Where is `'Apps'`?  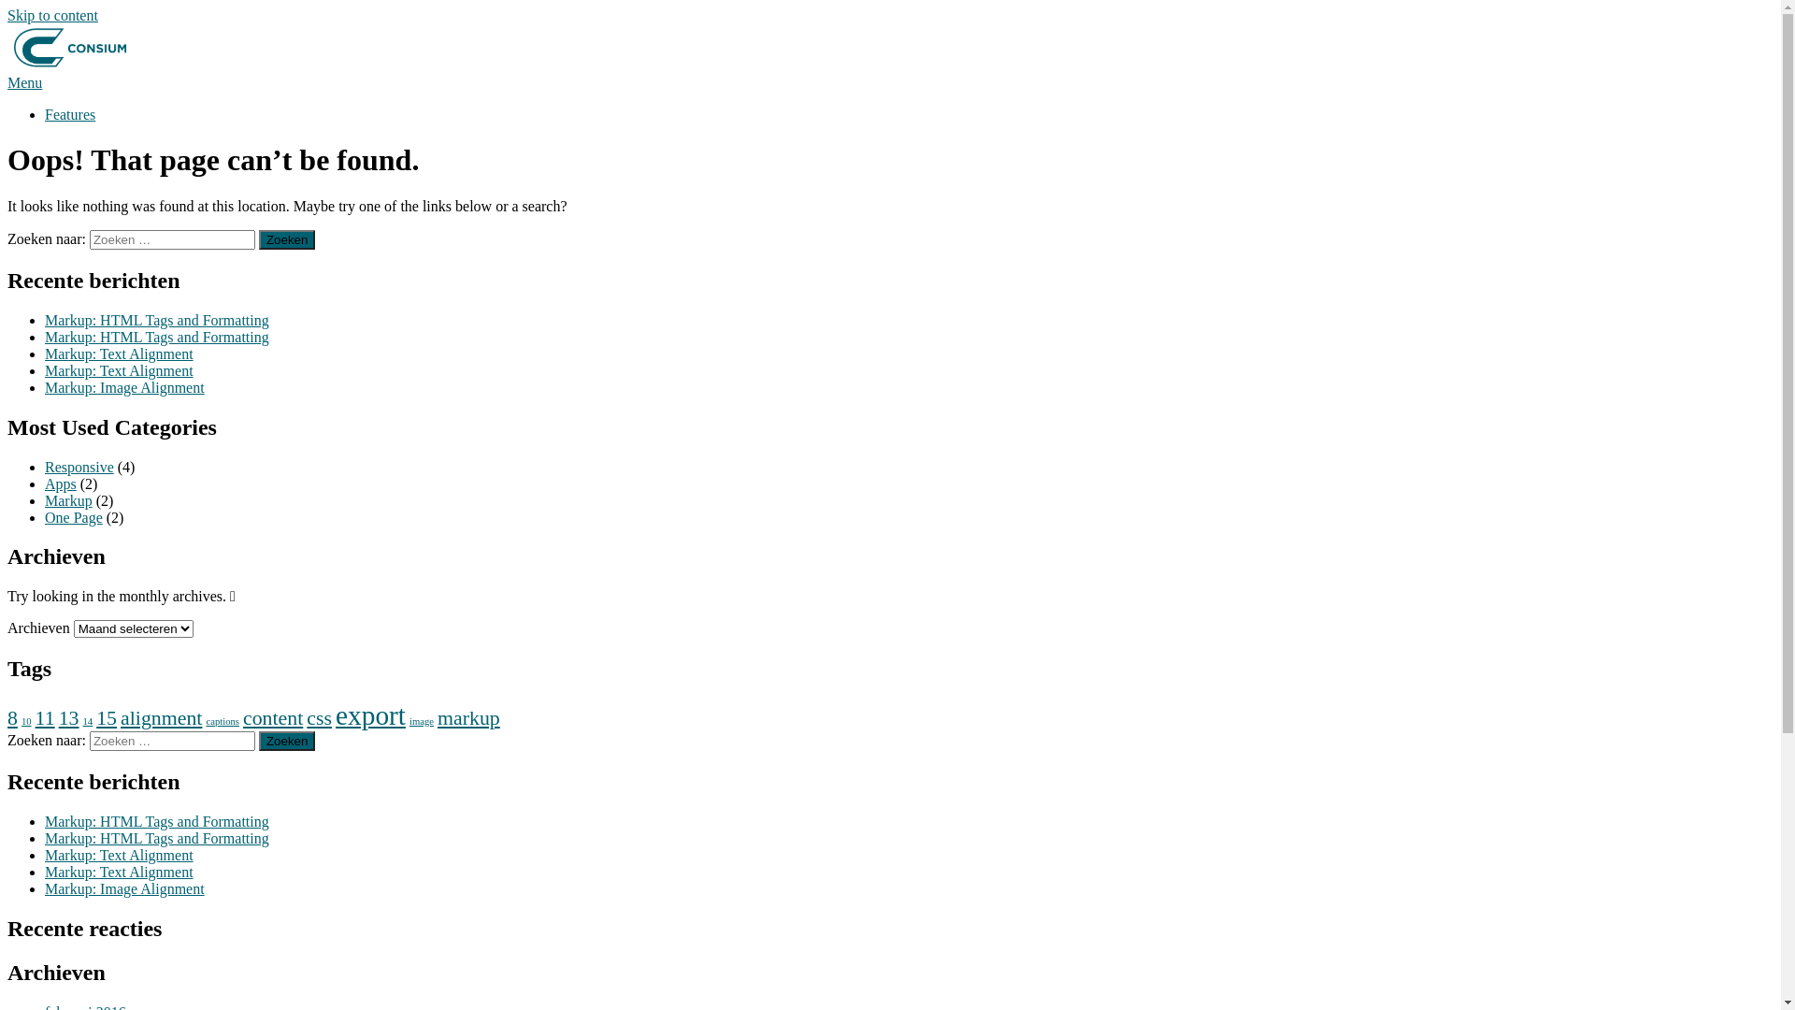 'Apps' is located at coordinates (61, 482).